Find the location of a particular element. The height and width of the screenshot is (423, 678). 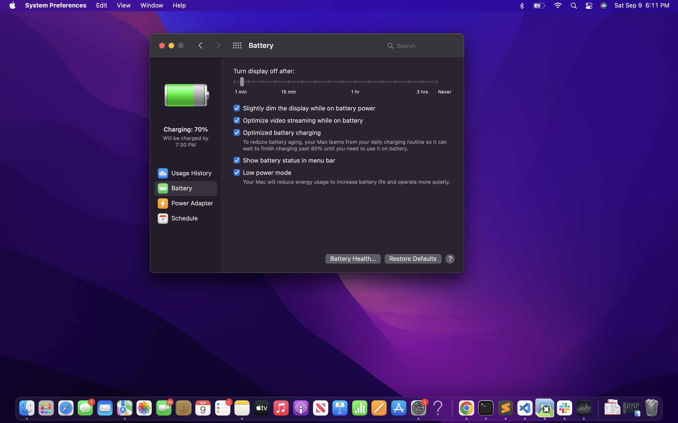

the schedule settings is located at coordinates (185, 218).